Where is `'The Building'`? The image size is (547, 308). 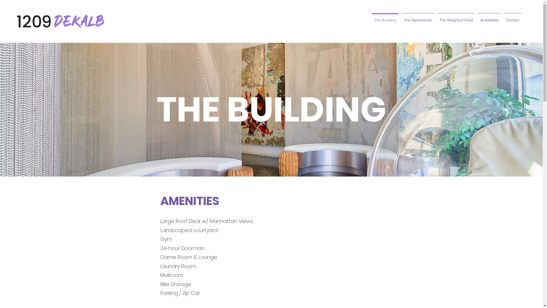
'The Building' is located at coordinates (370, 17).